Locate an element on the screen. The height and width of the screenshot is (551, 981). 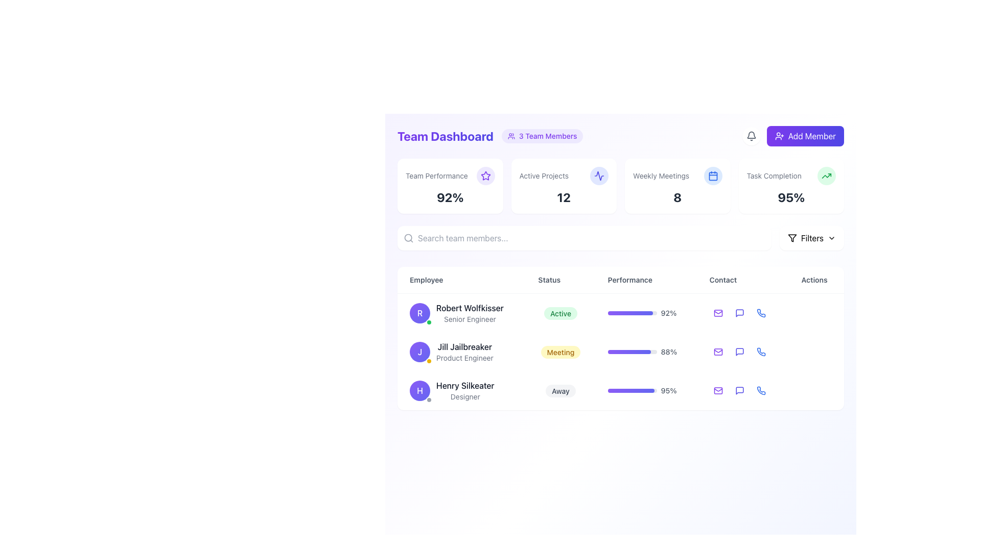
the progress bar representing the performance percentage (95%) of Henry Silkeater in the third row of the 'Performance' column is located at coordinates (646, 390).